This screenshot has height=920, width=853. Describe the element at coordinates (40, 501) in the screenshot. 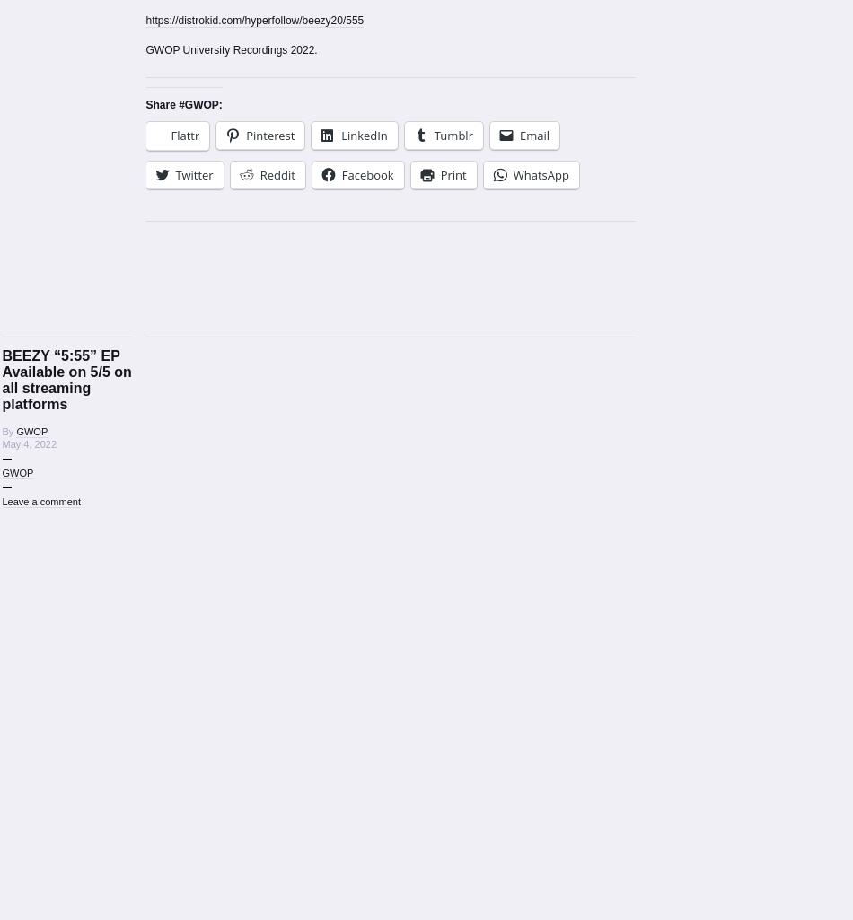

I see `'Leave a comment'` at that location.